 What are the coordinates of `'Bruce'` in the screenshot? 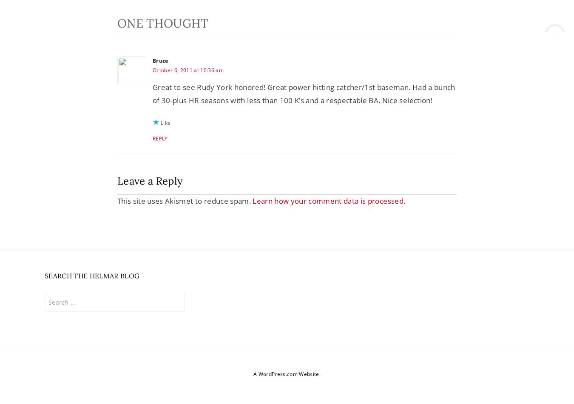 It's located at (160, 61).